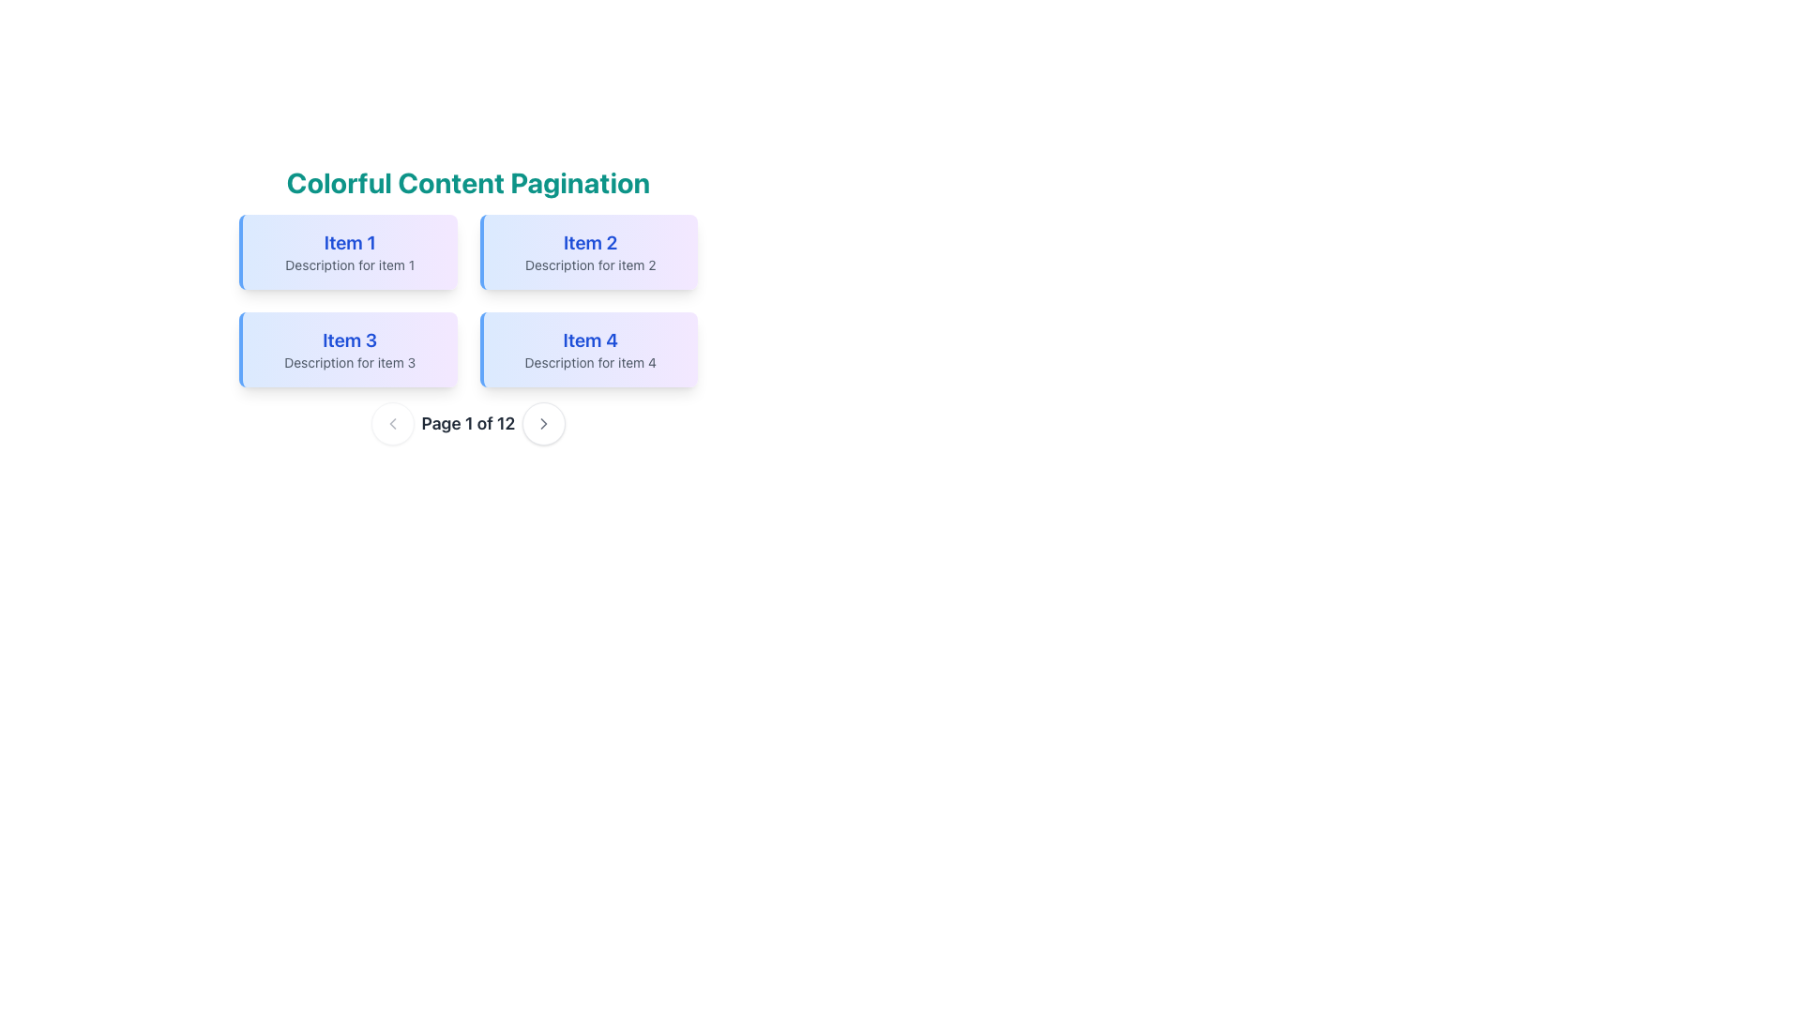 The image size is (1801, 1013). I want to click on the headline text reading 'Item 3', which is styled with a large font size, bold weight, and a distinct blue color, located in the third position of a two-by-two grid of containers, so click(350, 340).